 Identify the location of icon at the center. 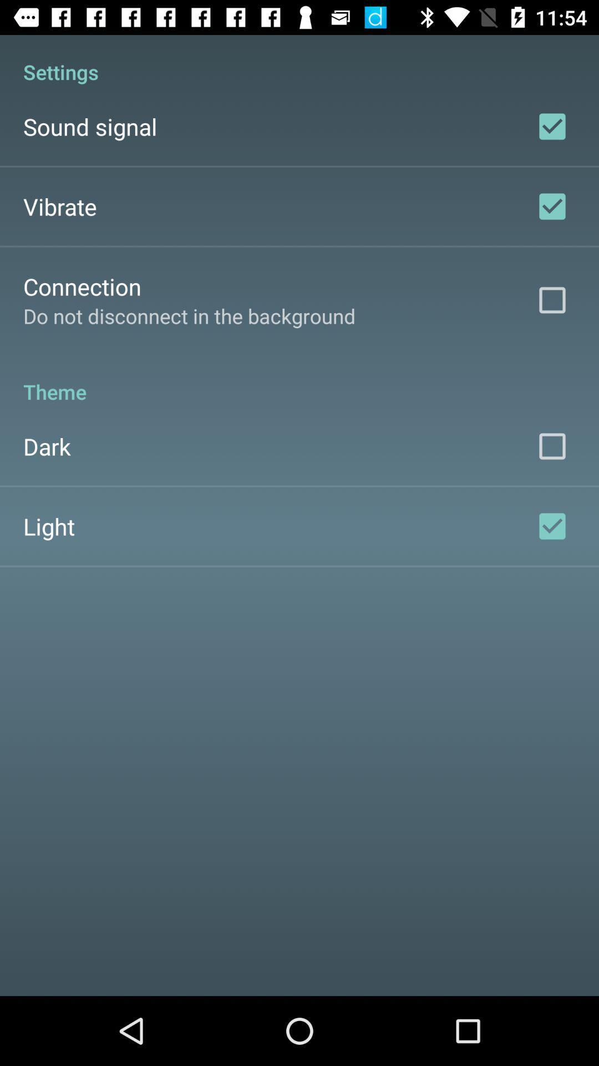
(299, 380).